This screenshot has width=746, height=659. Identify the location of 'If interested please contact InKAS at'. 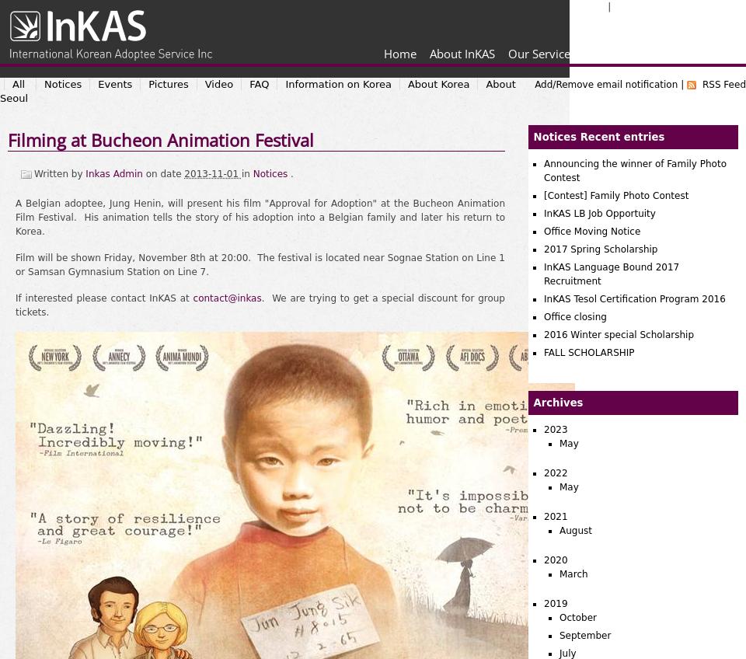
(103, 298).